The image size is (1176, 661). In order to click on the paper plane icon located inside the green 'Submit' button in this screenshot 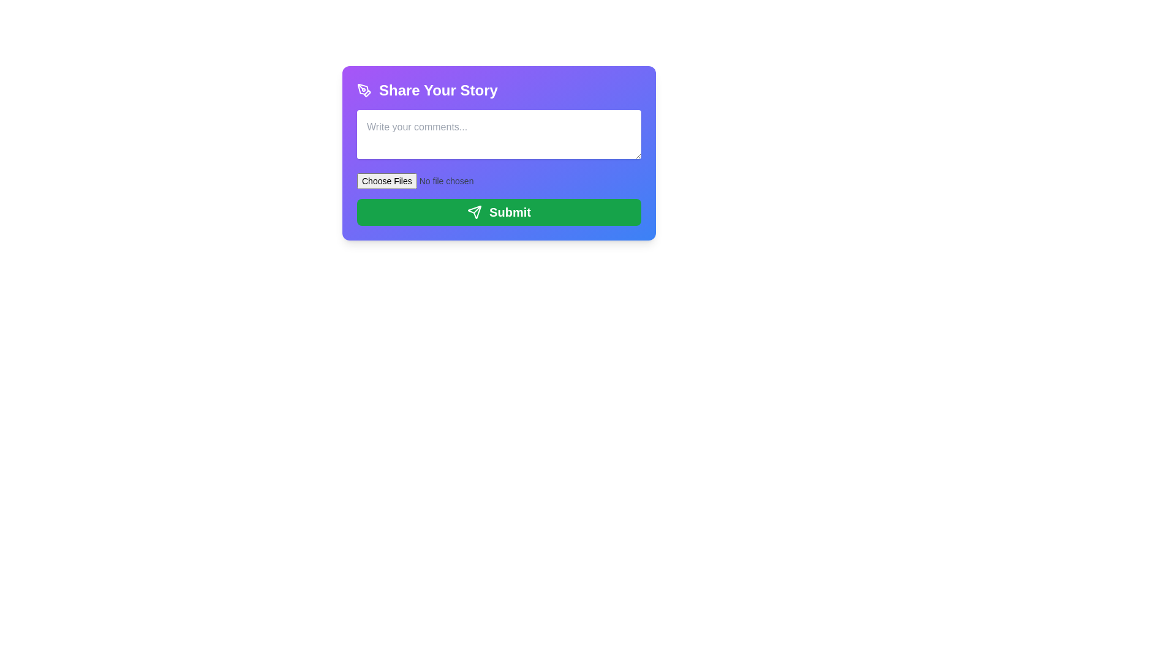, I will do `click(474, 212)`.